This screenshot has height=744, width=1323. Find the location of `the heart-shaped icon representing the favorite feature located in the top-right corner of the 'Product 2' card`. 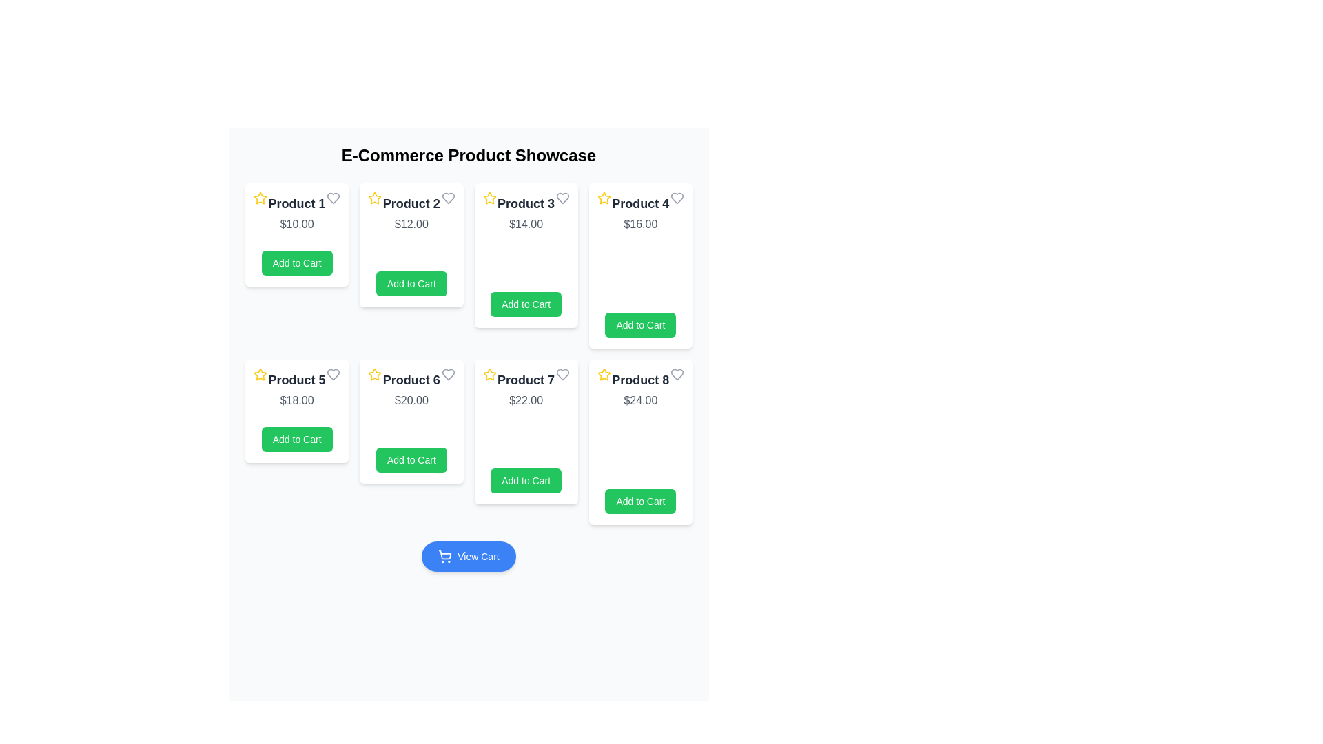

the heart-shaped icon representing the favorite feature located in the top-right corner of the 'Product 2' card is located at coordinates (448, 198).